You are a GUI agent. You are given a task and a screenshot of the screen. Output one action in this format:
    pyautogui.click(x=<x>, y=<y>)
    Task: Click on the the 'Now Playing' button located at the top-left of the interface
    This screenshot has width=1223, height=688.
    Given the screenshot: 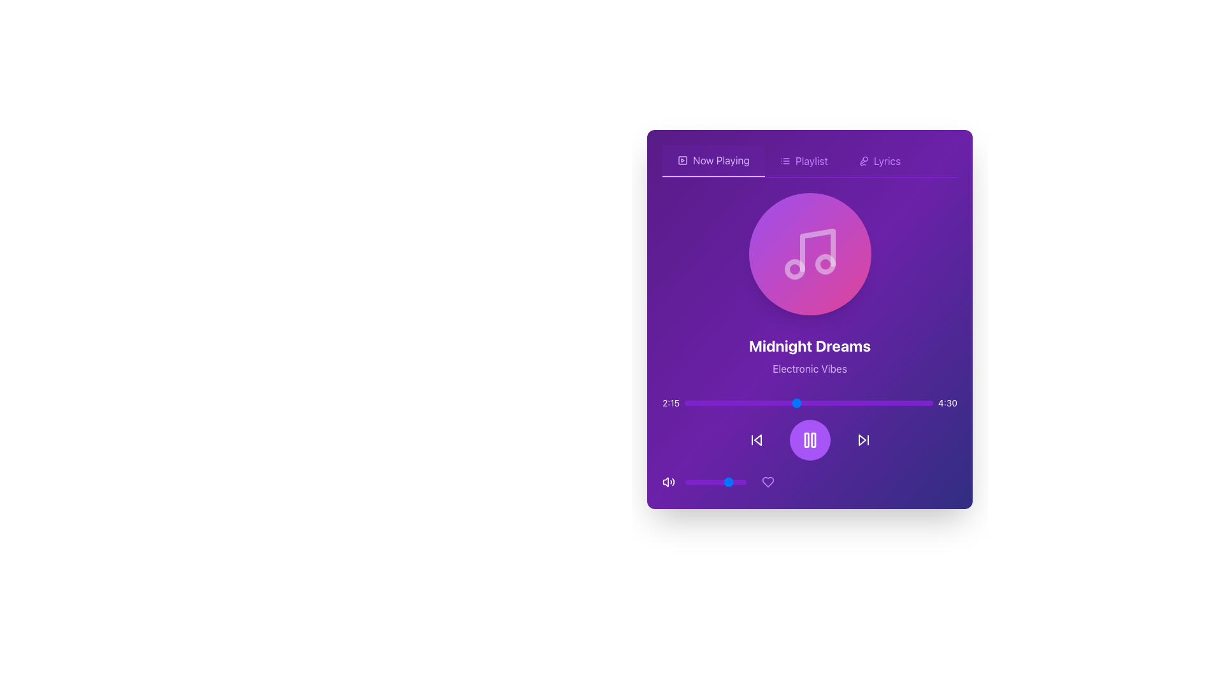 What is the action you would take?
    pyautogui.click(x=713, y=161)
    